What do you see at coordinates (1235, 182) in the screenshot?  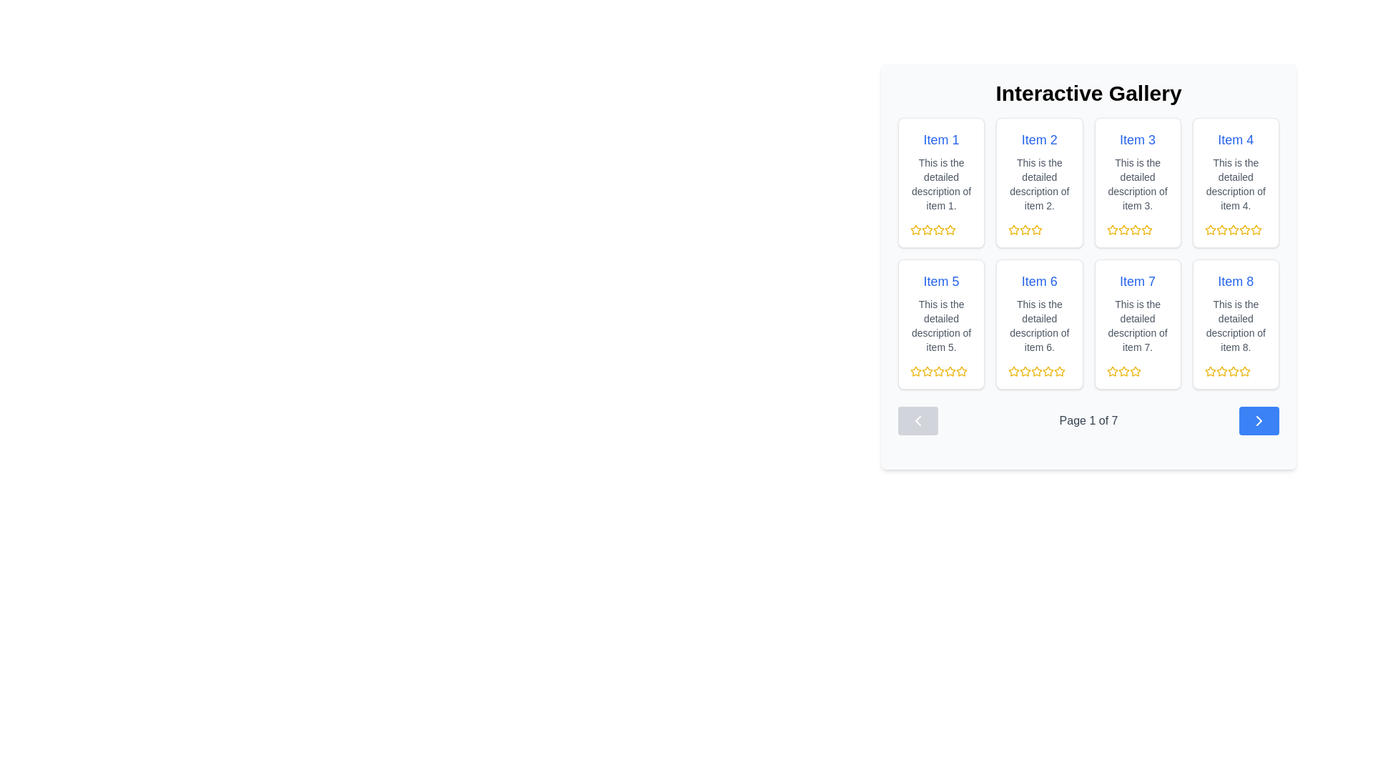 I see `content displayed on the card labeled 'Item 4', which is located in the top-right corner of the grid layout with a white background and a blue title` at bounding box center [1235, 182].